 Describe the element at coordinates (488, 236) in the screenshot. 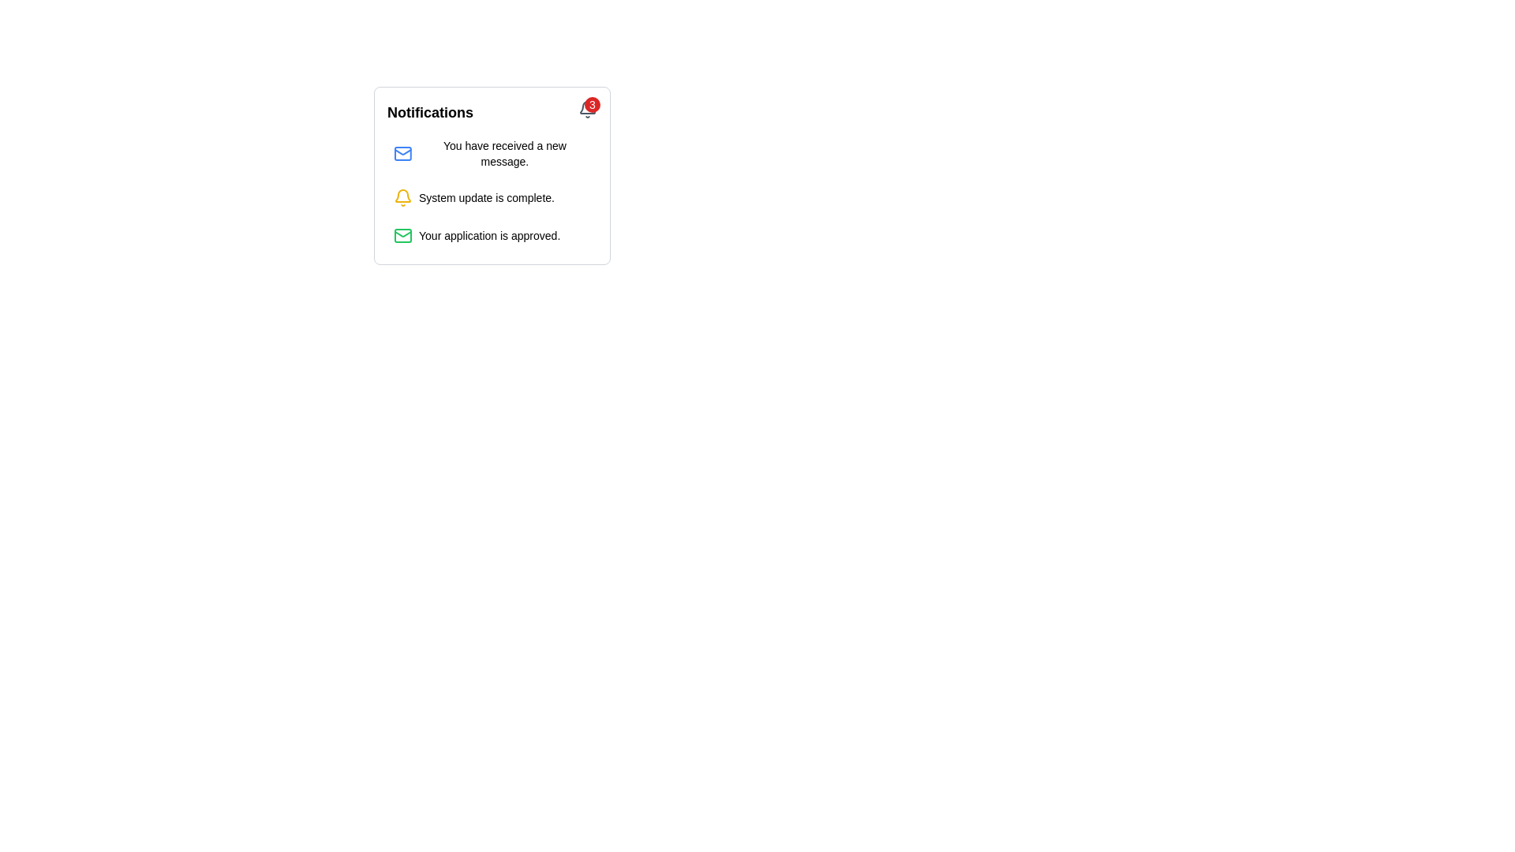

I see `the text element displaying 'Your application is approved.' which is the third item in the notification area, located directly below 'System update is complete.'` at that location.